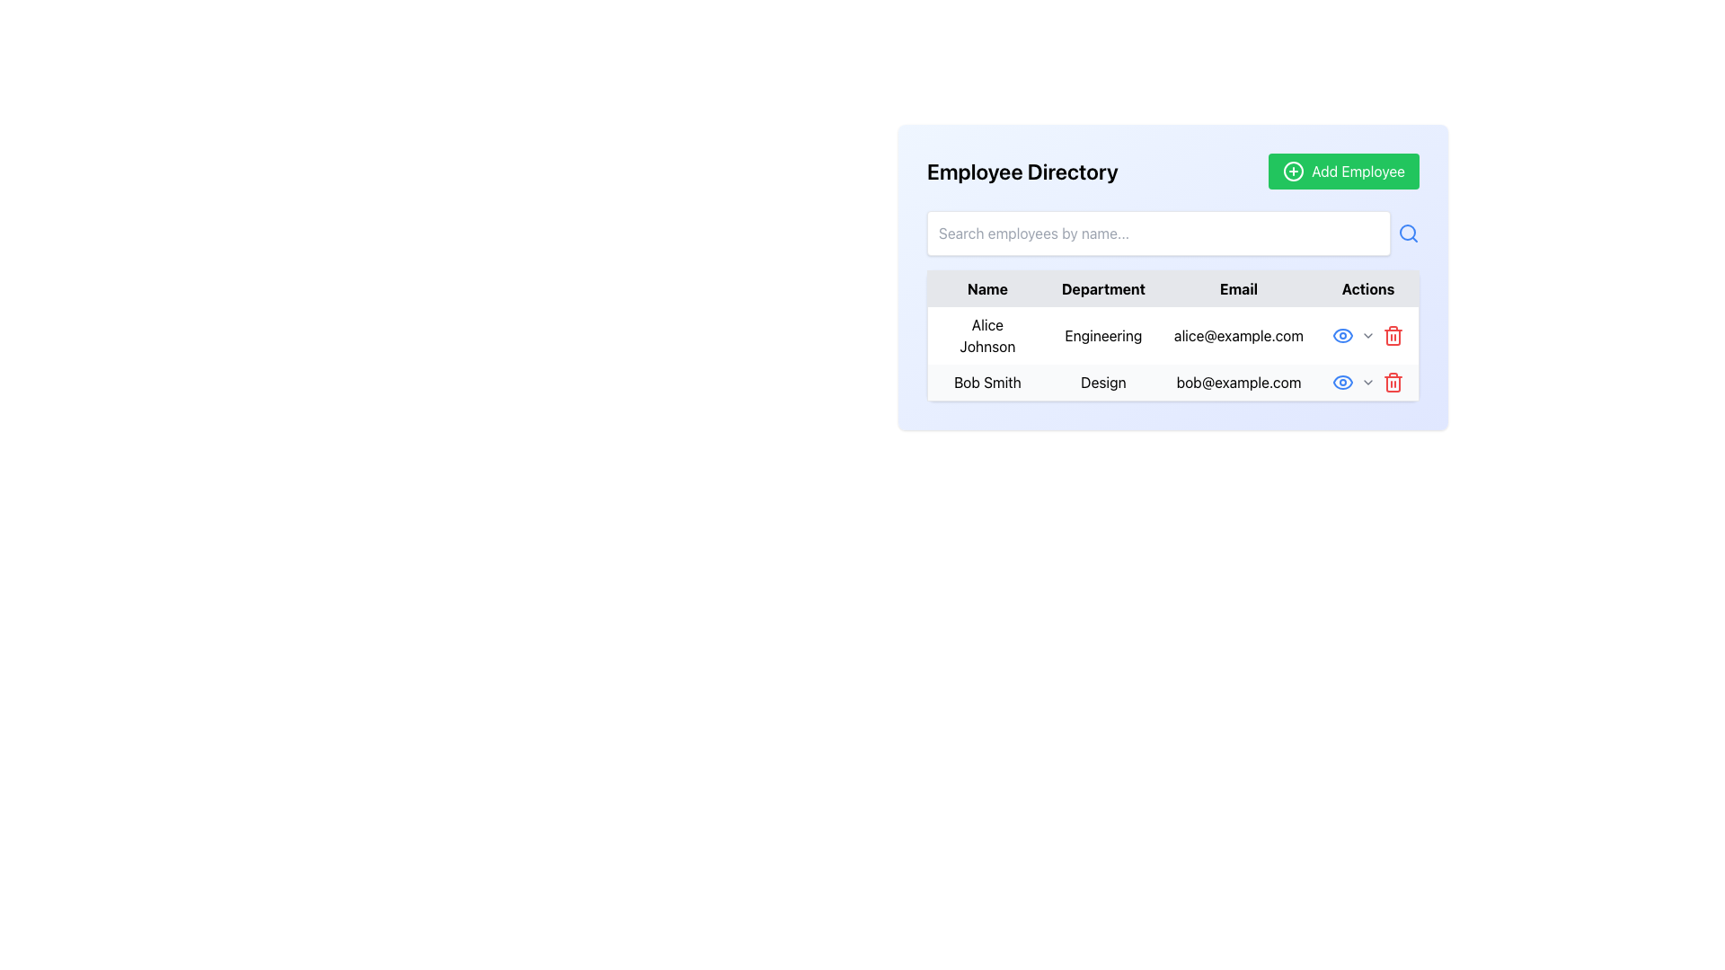  What do you see at coordinates (1172, 353) in the screenshot?
I see `the first table row in the 'Employee Directory' that contains individual information such as name, department, email, and action buttons` at bounding box center [1172, 353].